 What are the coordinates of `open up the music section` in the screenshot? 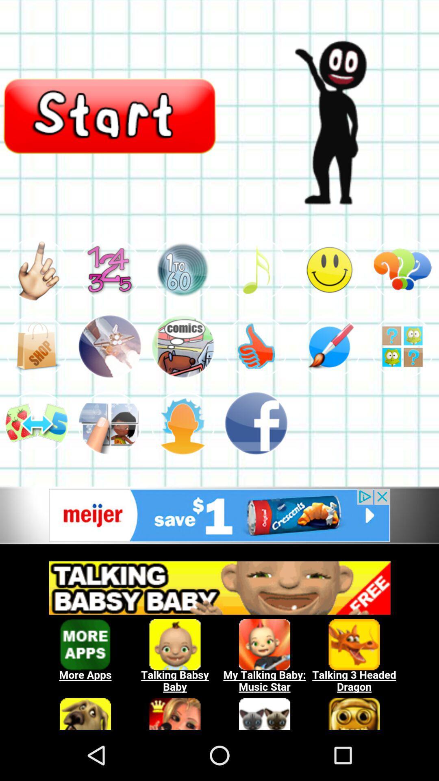 It's located at (255, 269).